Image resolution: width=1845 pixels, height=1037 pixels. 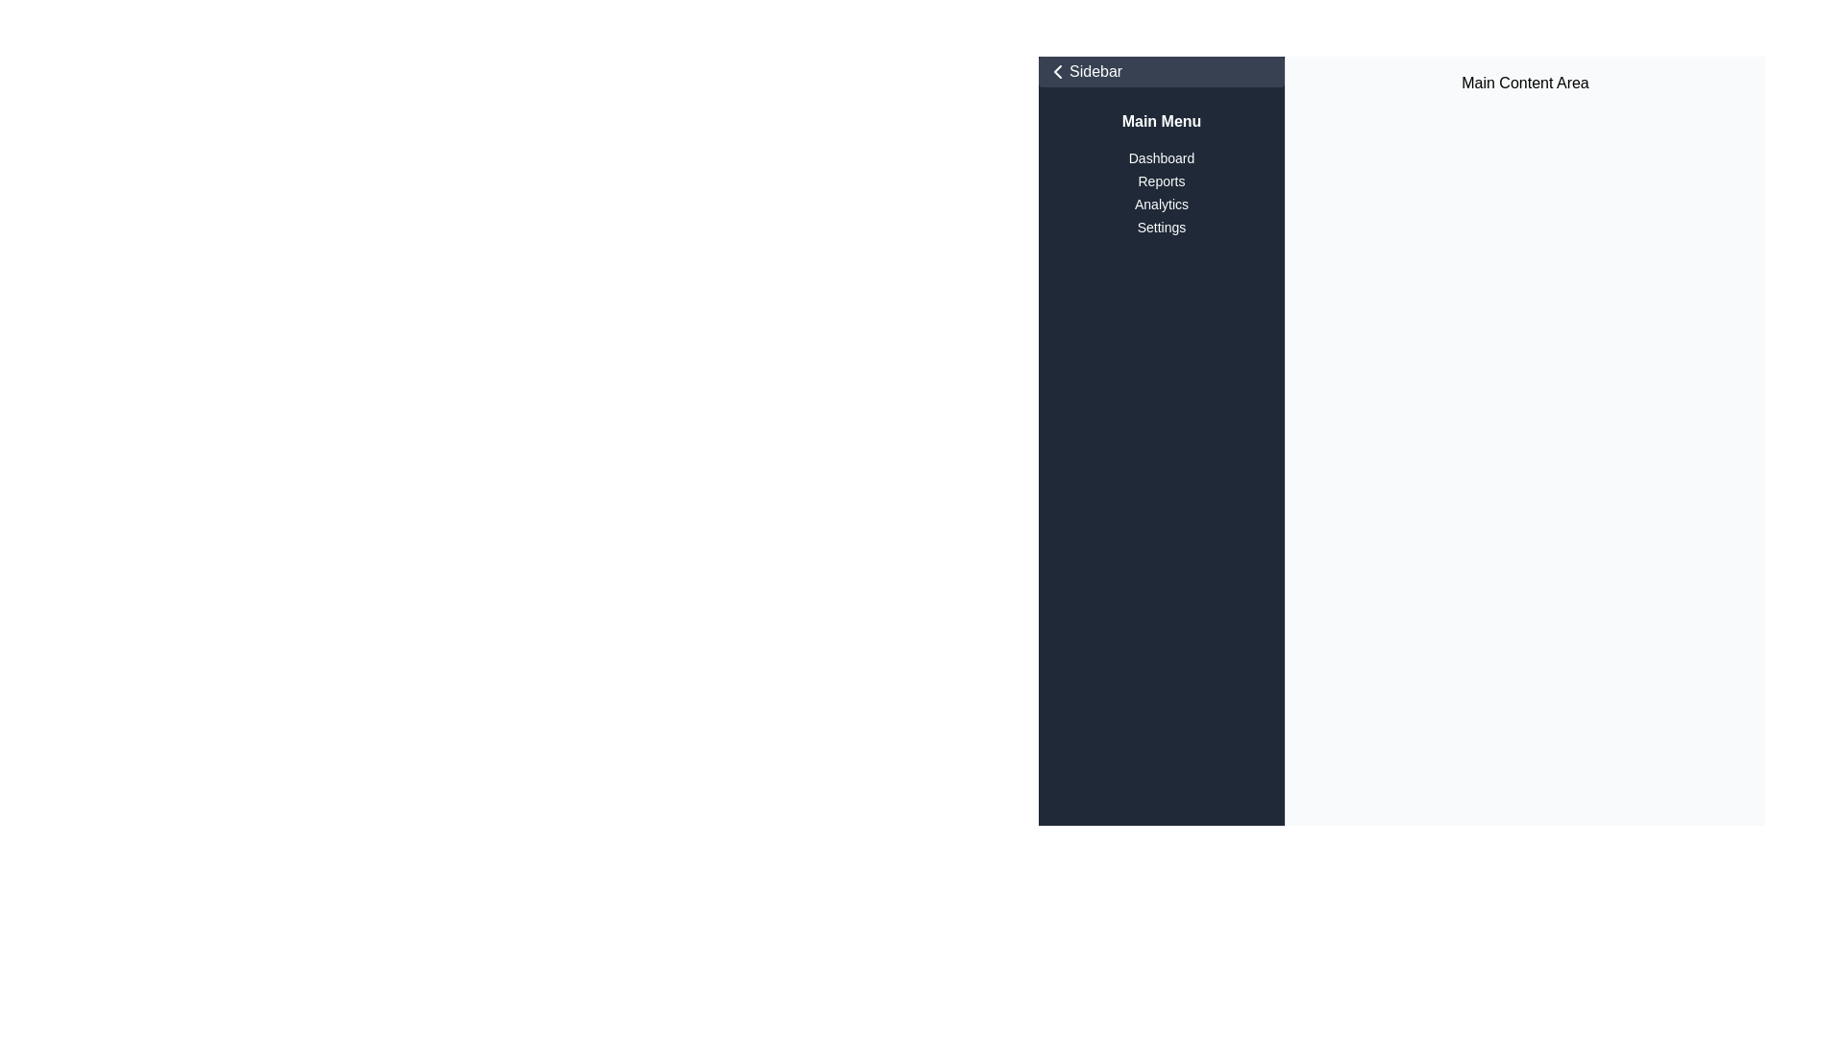 I want to click on the 'Main Menu' label, which is a bold white text on a dark background, located at the top of the sidebar on the left side of the interface, so click(x=1161, y=122).